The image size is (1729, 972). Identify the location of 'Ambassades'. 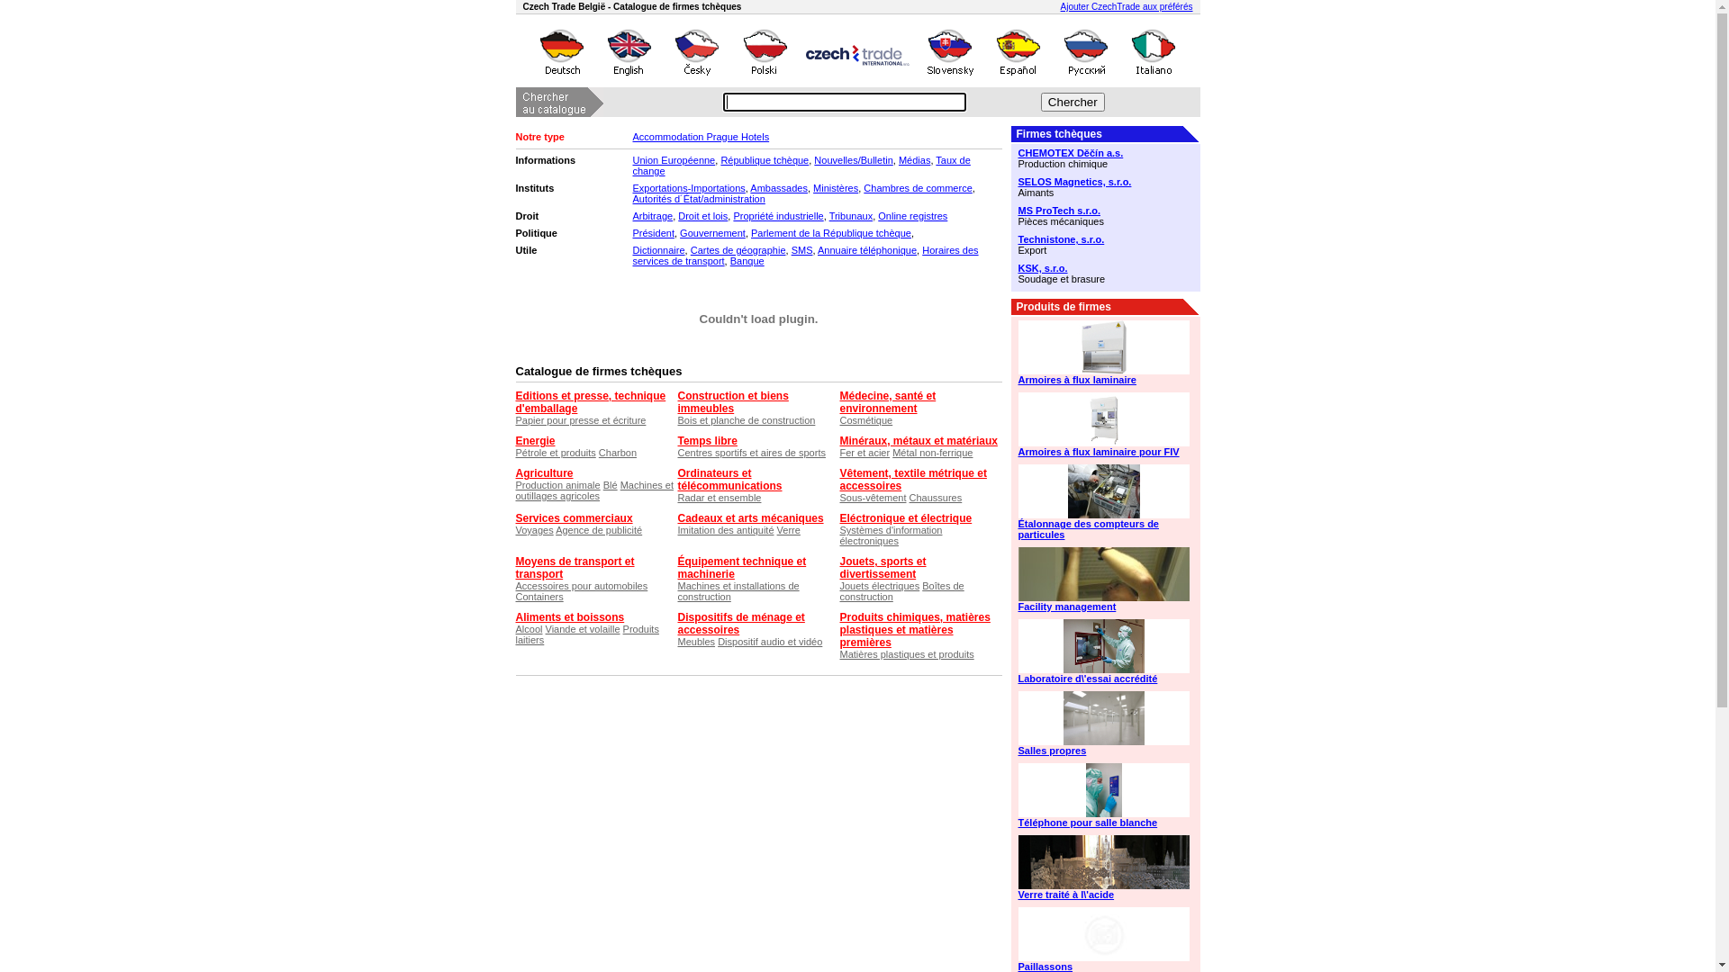
(778, 187).